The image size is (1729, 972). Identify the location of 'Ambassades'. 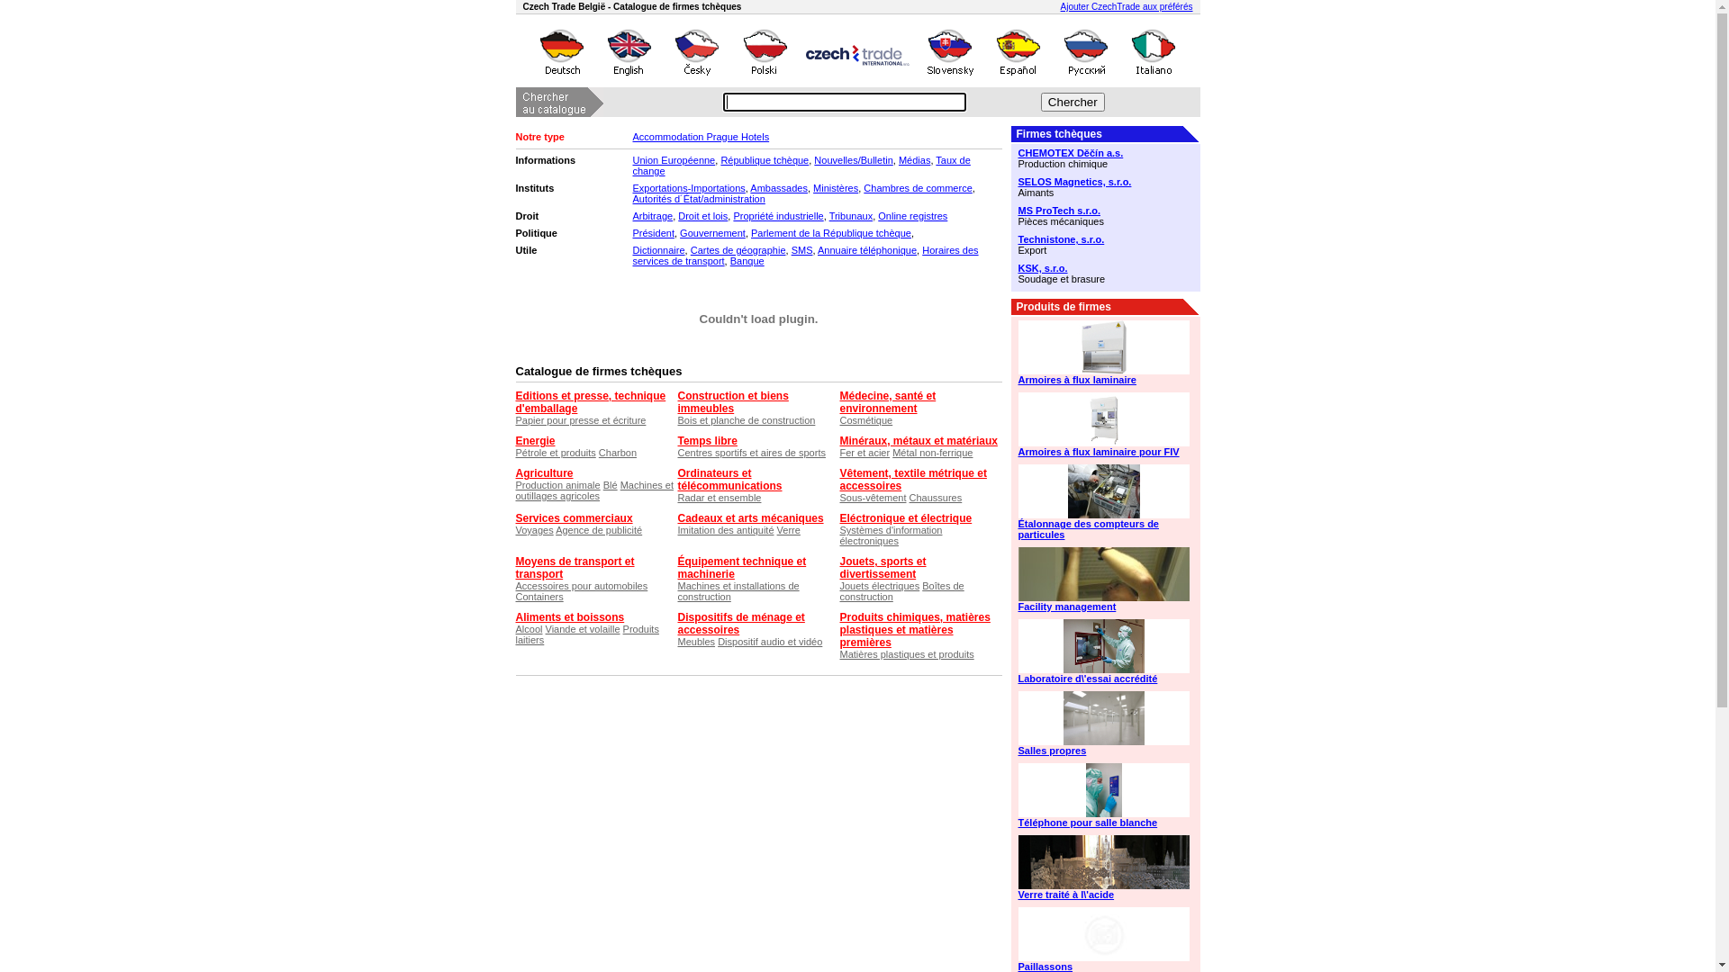
(778, 187).